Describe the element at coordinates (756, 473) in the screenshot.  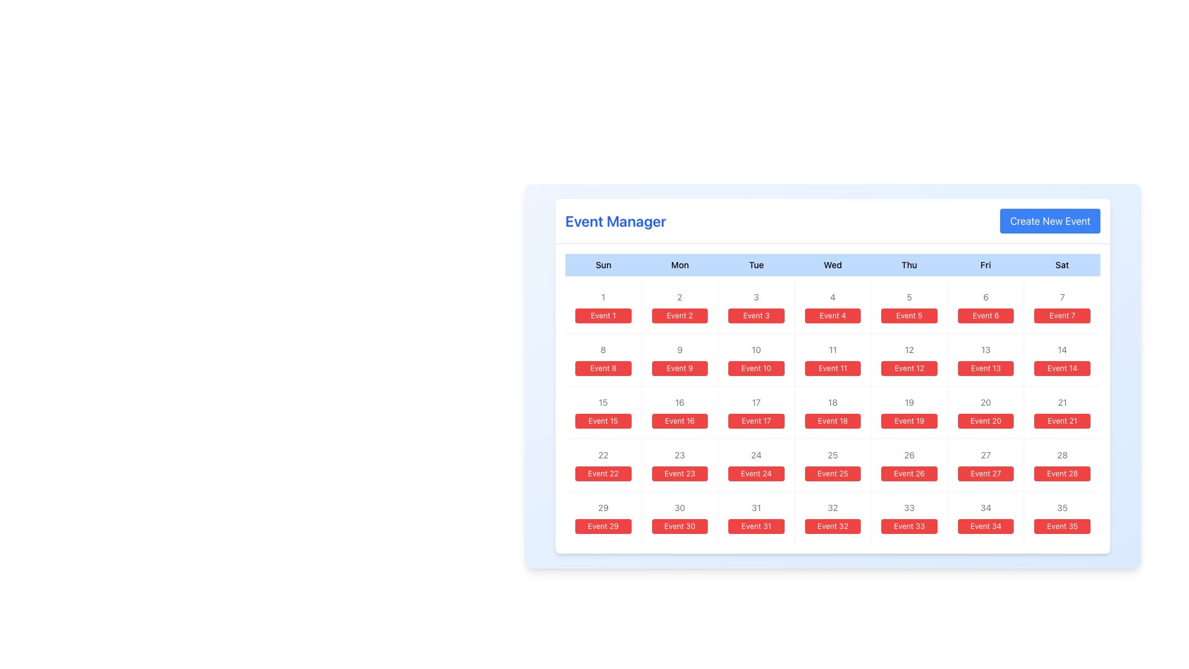
I see `the 'Event 24' label, which visually indicates this event in the calendar interface, positioned below the text '24' in the Tuesday column of the fourth week` at that location.